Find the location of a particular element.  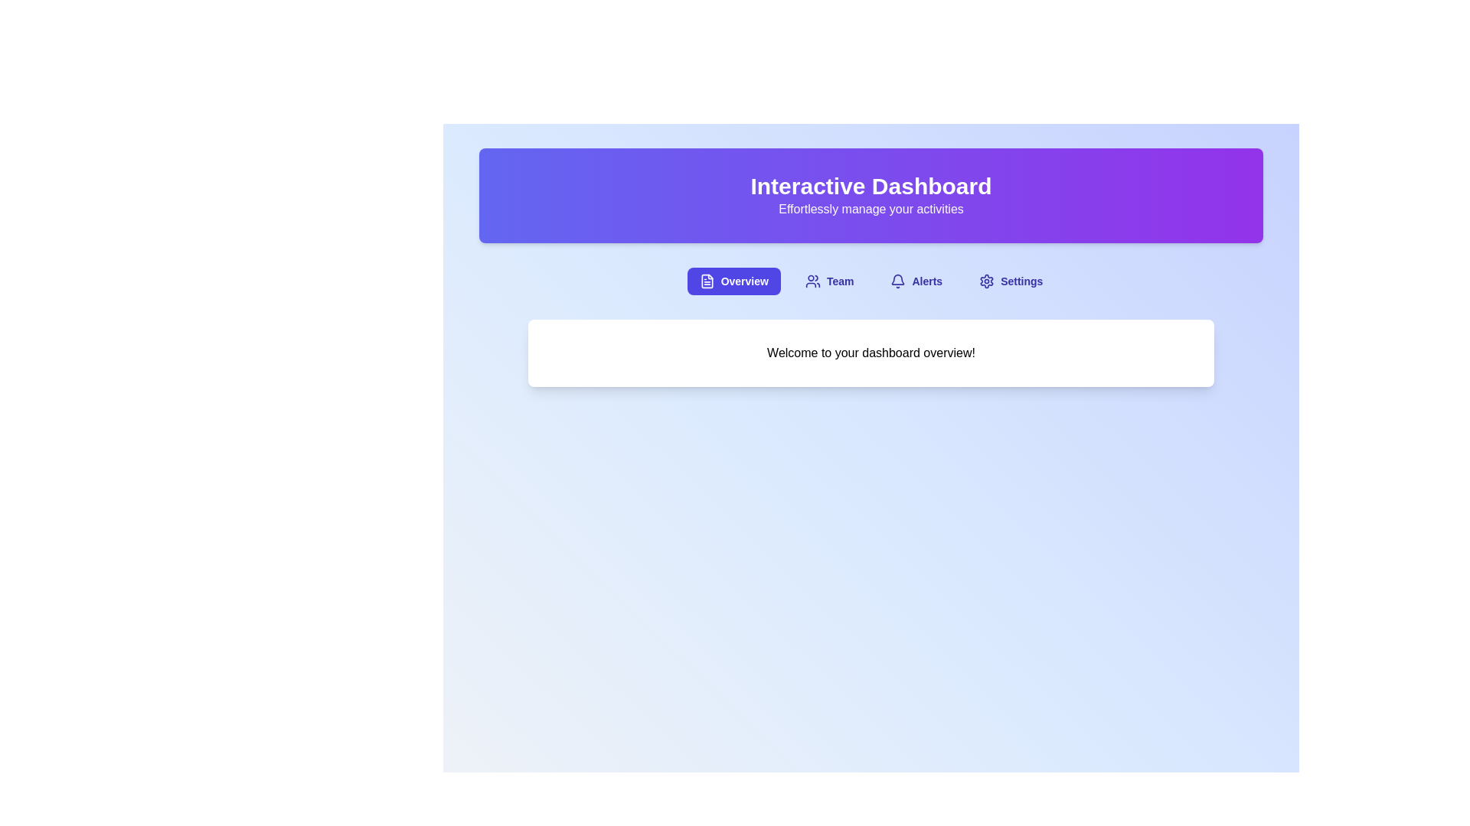

the static text block element that displays 'Welcome to your dashboard overview!' which is positioned below the navigation buttons in the upper-middle section of the main view is located at coordinates (871, 353).